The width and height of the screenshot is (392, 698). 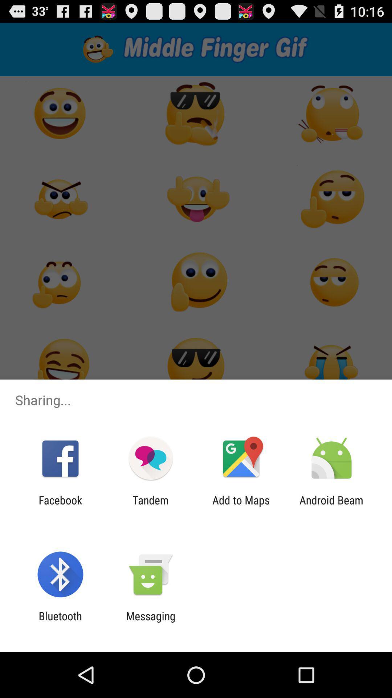 I want to click on the messaging item, so click(x=150, y=622).